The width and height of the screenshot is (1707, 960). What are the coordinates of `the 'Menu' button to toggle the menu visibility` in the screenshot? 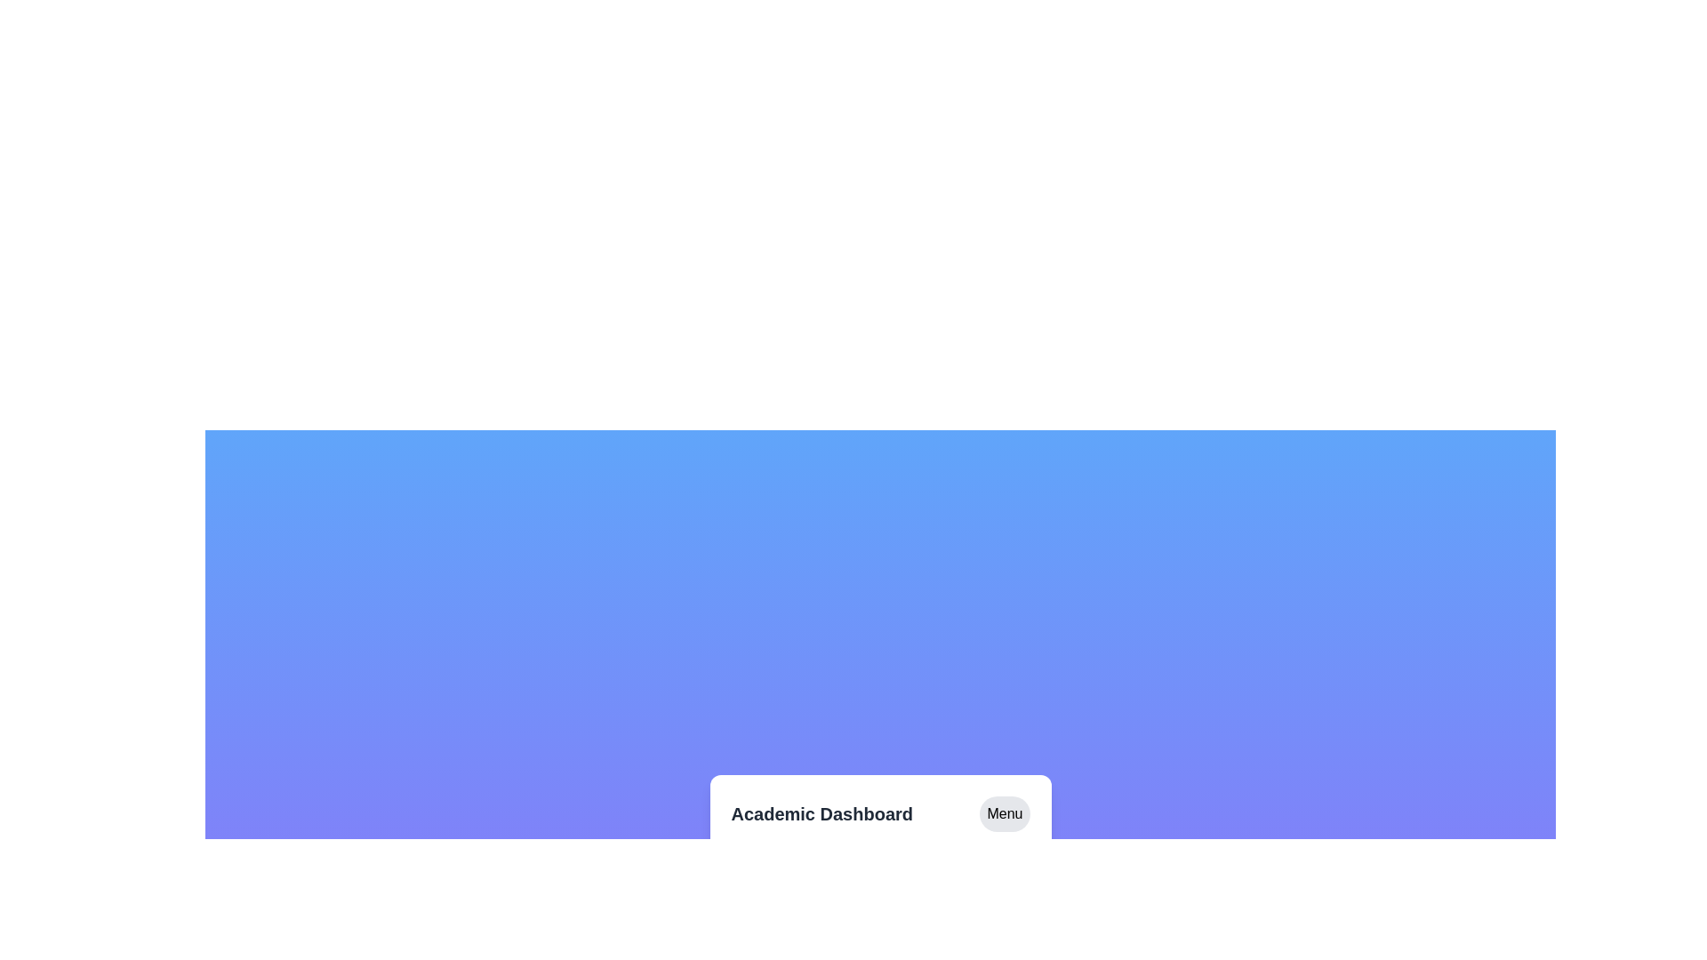 It's located at (1004, 813).